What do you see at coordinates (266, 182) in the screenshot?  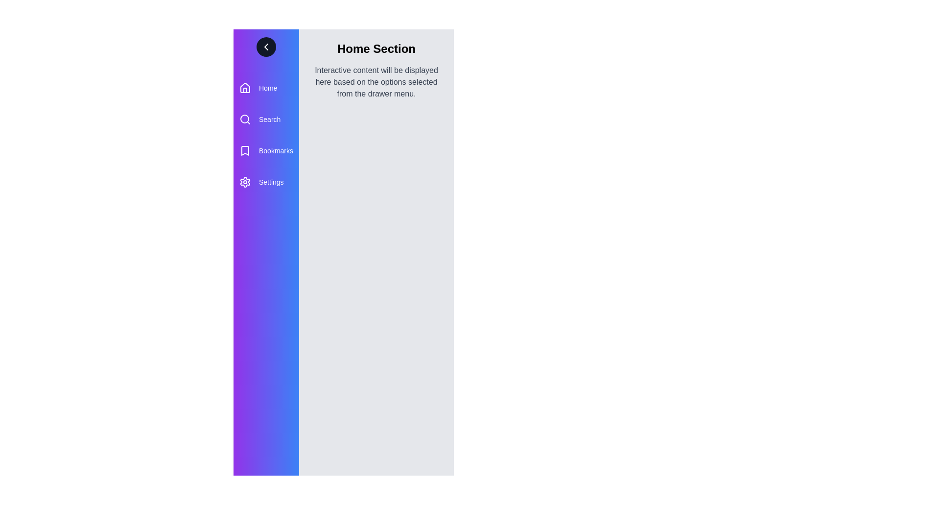 I see `the menu item Settings` at bounding box center [266, 182].